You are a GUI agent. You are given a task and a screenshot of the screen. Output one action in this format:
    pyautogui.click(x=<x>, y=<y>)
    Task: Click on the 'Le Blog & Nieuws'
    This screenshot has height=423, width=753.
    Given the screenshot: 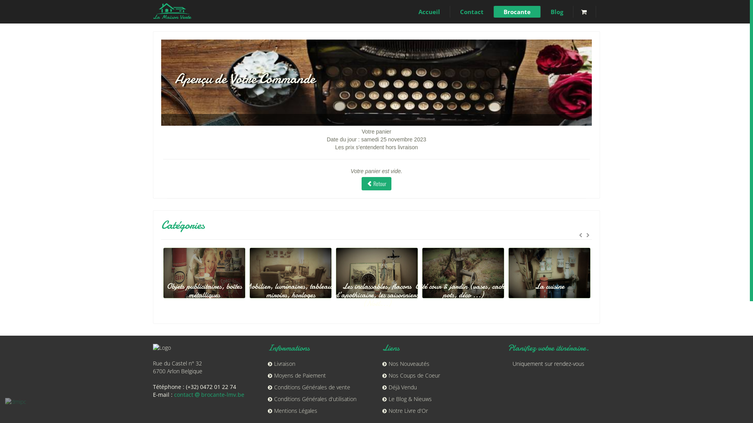 What is the action you would take?
    pyautogui.click(x=407, y=399)
    